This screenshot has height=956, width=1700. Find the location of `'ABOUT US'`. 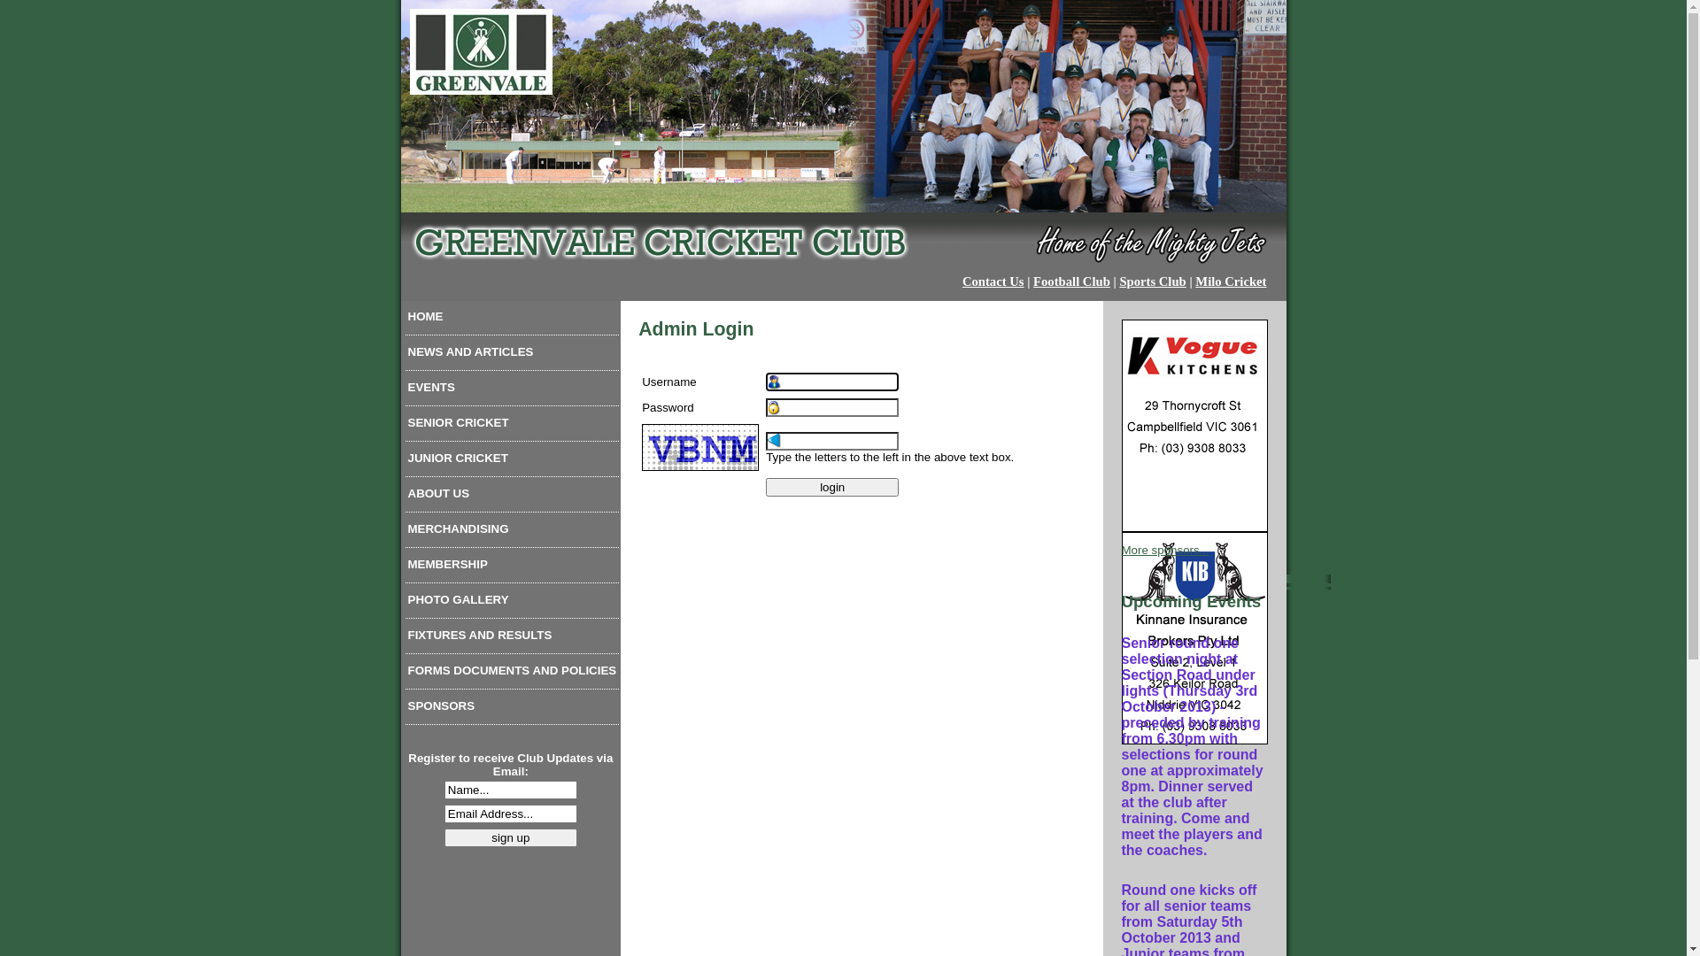

'ABOUT US' is located at coordinates (512, 497).